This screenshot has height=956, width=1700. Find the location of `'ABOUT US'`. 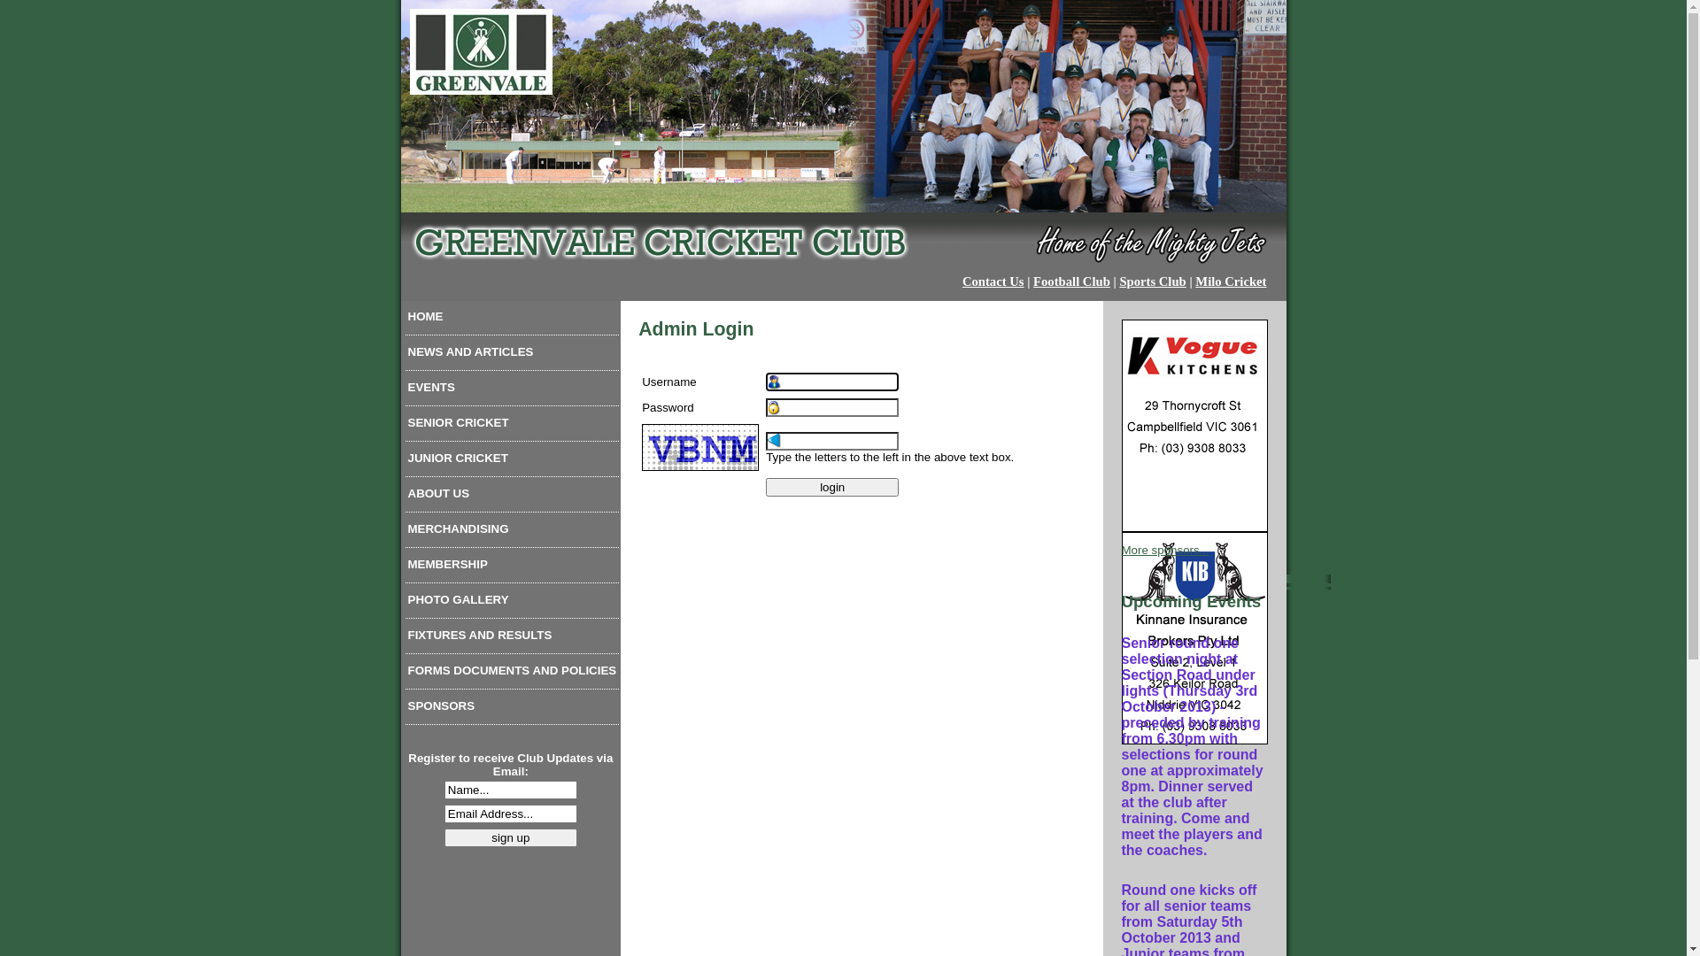

'ABOUT US' is located at coordinates (512, 497).